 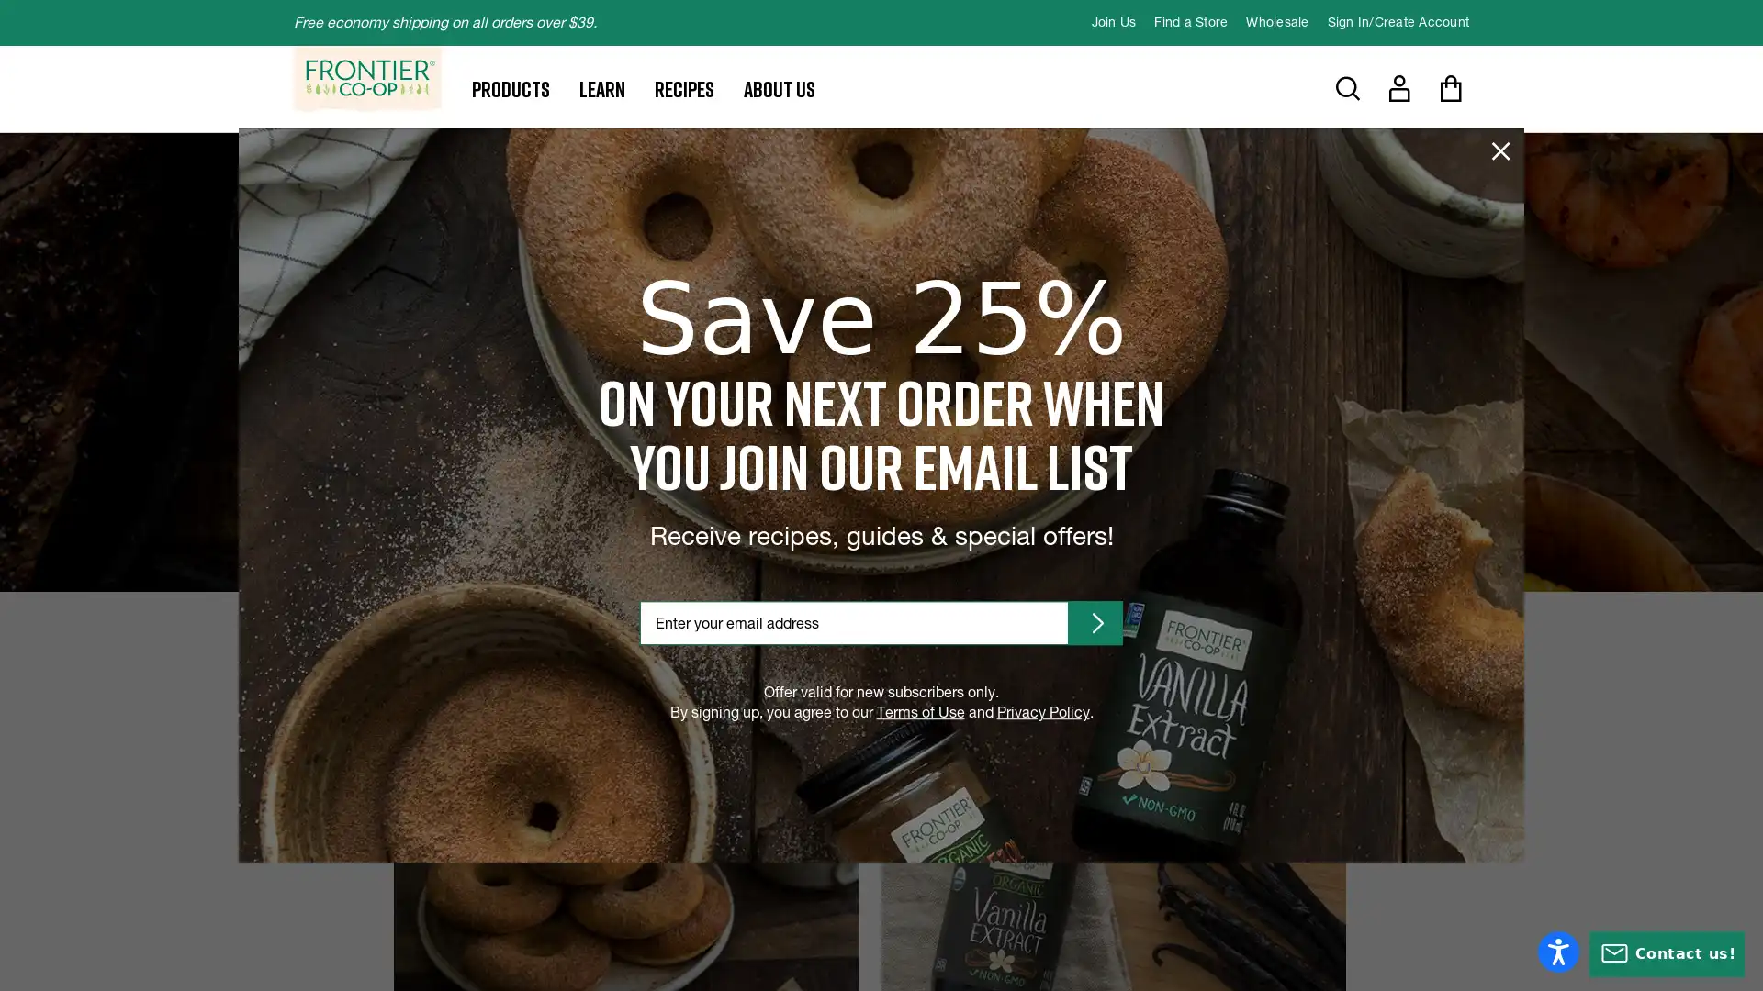 I want to click on About Us, so click(x=780, y=88).